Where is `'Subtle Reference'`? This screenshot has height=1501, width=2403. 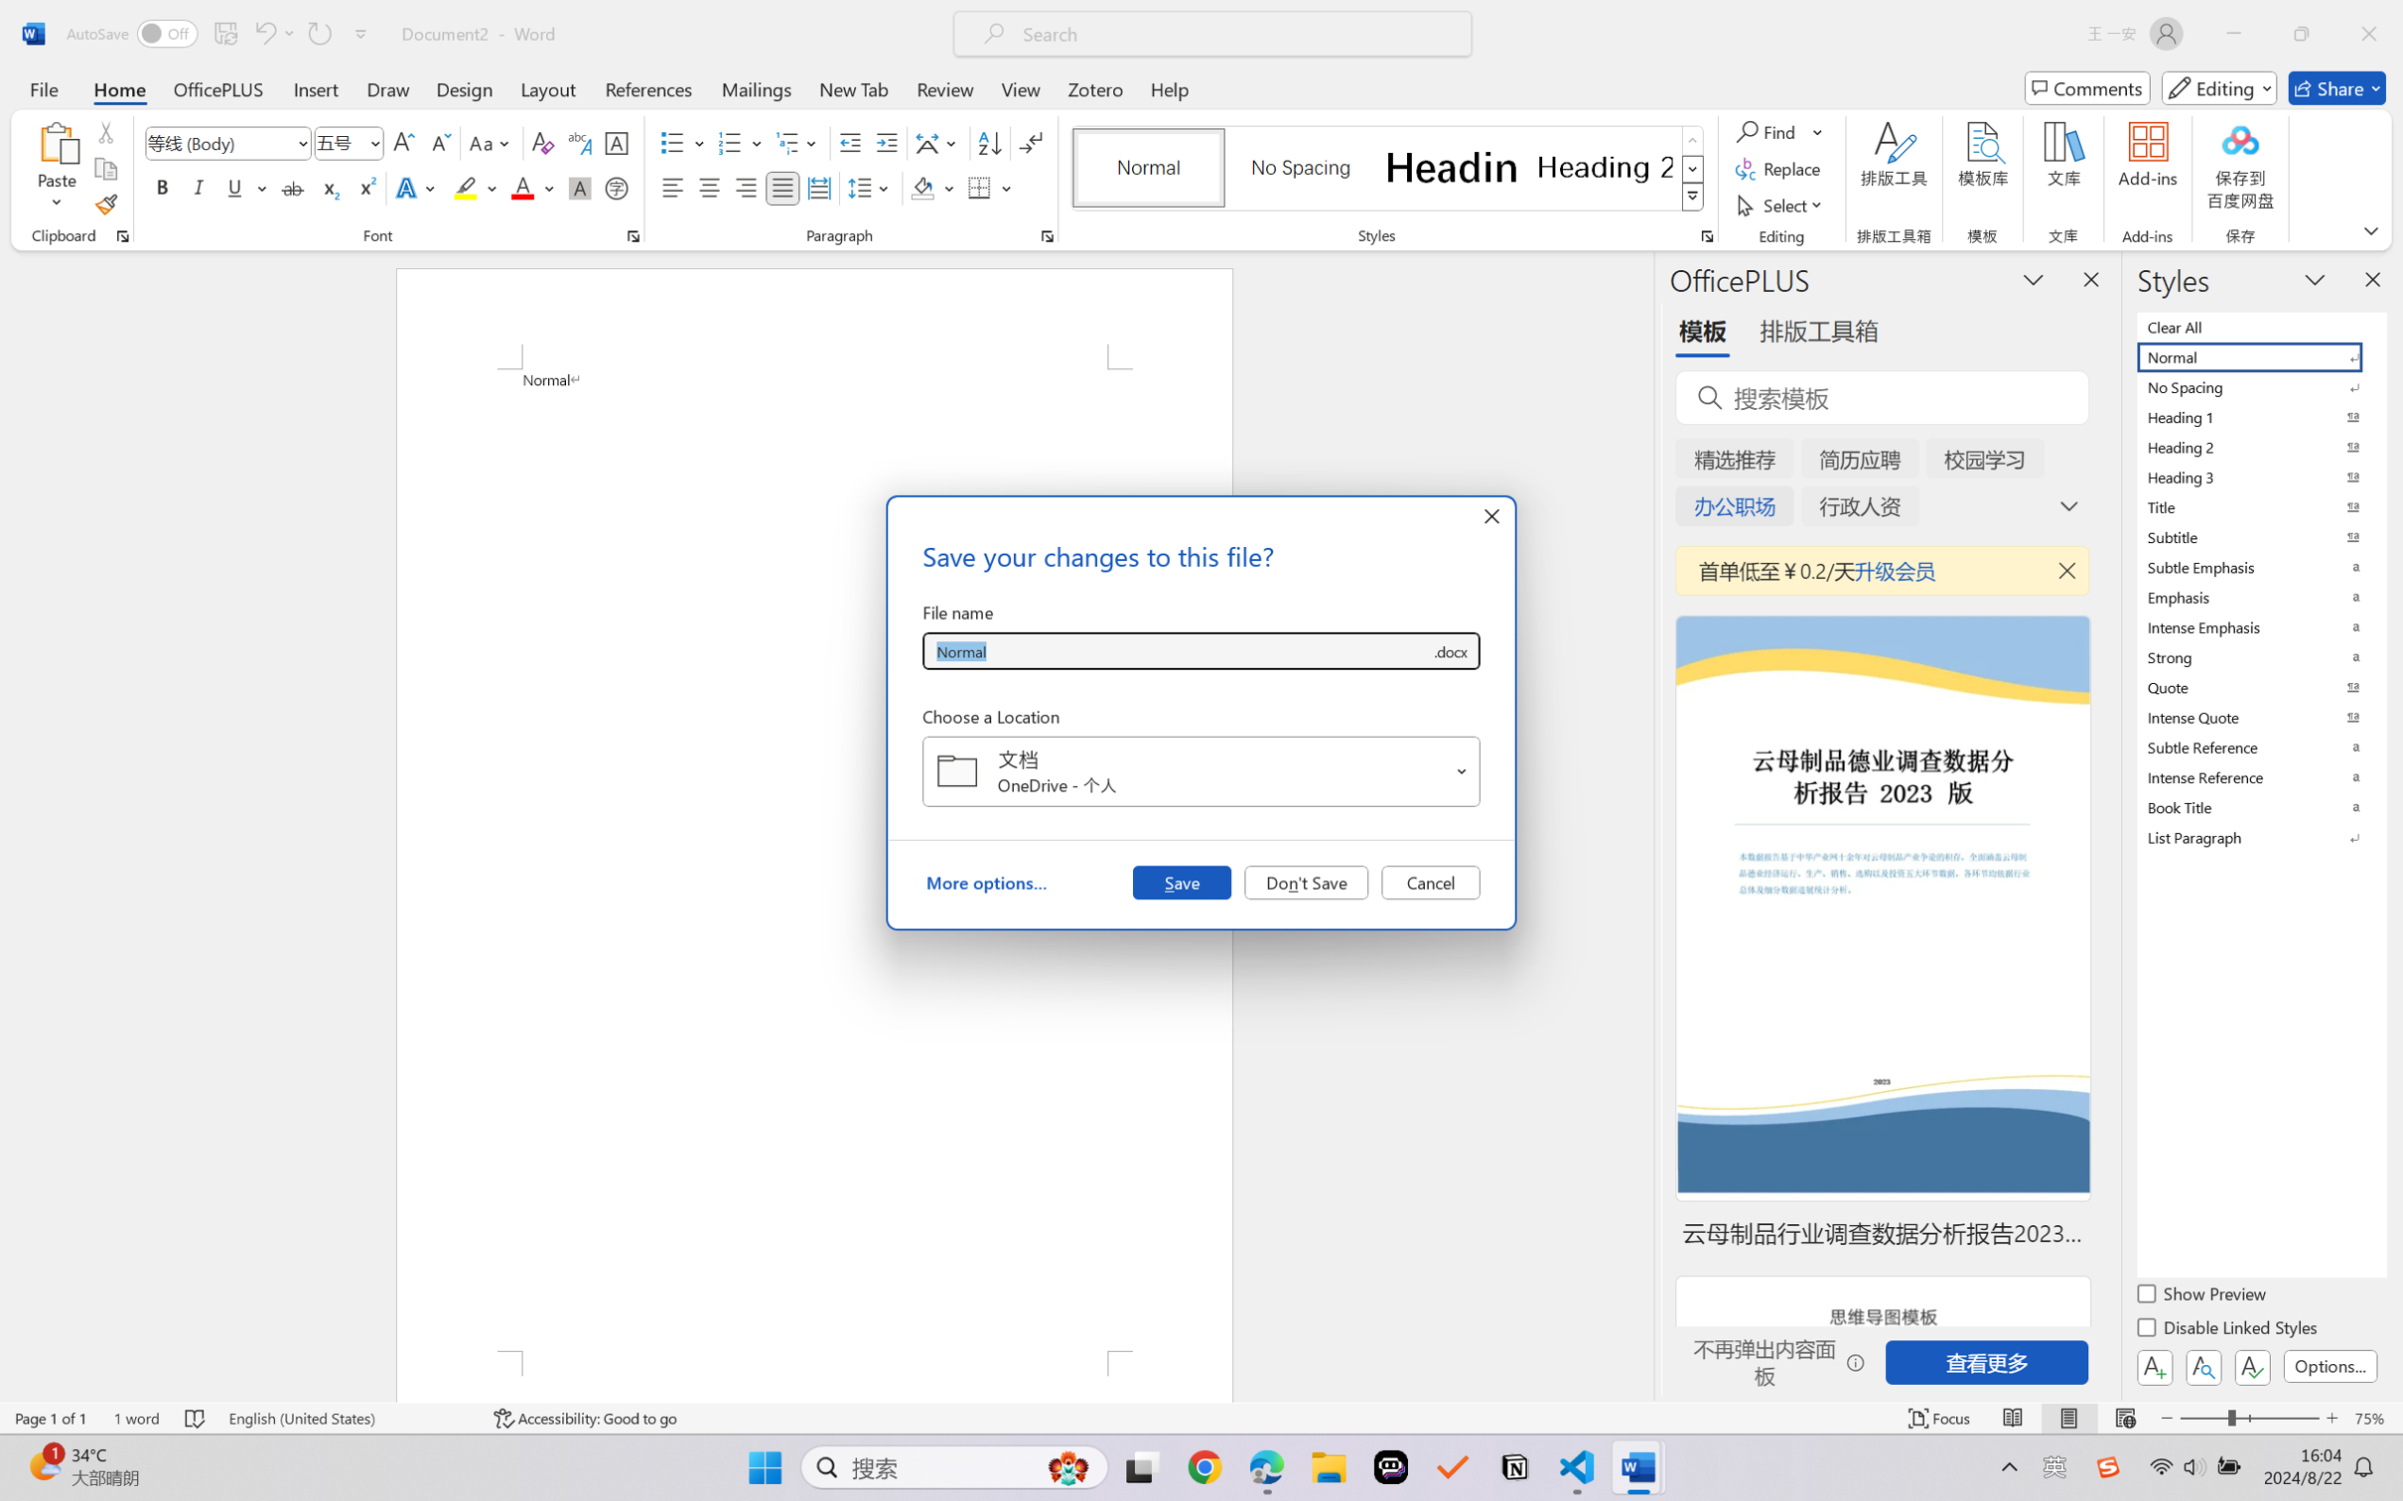 'Subtle Reference' is located at coordinates (2259, 747).